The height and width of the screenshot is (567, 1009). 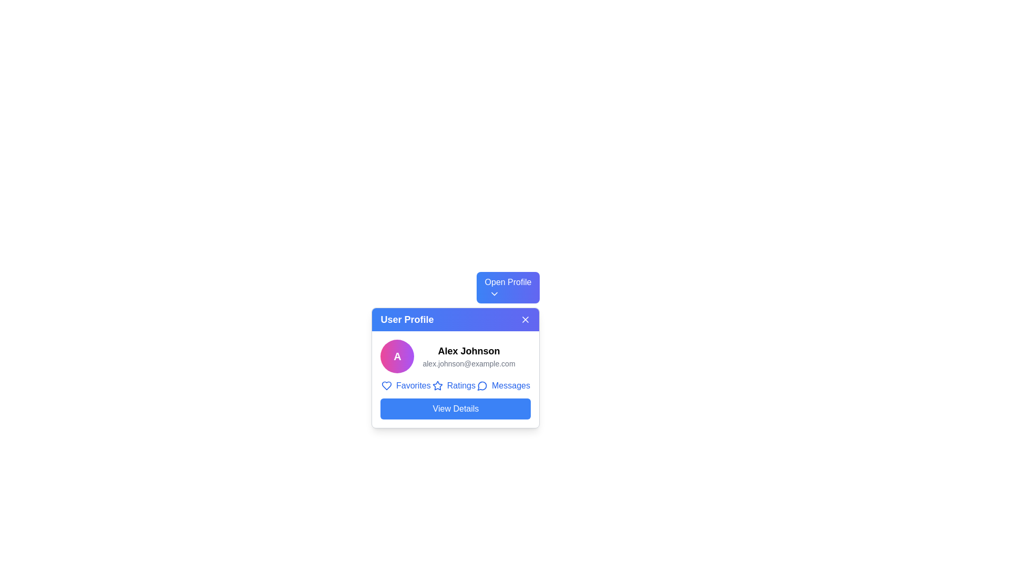 I want to click on the static text displaying the email address 'alex.johnson@example.com', which is styled with a smaller font and grayed-out color, positioned below the name 'Alex Johnson' in the user profile card, so click(x=468, y=363).